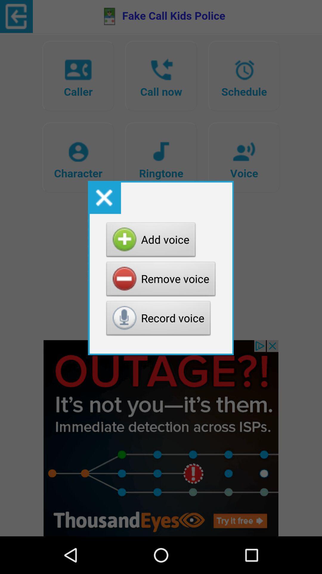 Image resolution: width=322 pixels, height=574 pixels. What do you see at coordinates (161, 280) in the screenshot?
I see `item below add voice button` at bounding box center [161, 280].